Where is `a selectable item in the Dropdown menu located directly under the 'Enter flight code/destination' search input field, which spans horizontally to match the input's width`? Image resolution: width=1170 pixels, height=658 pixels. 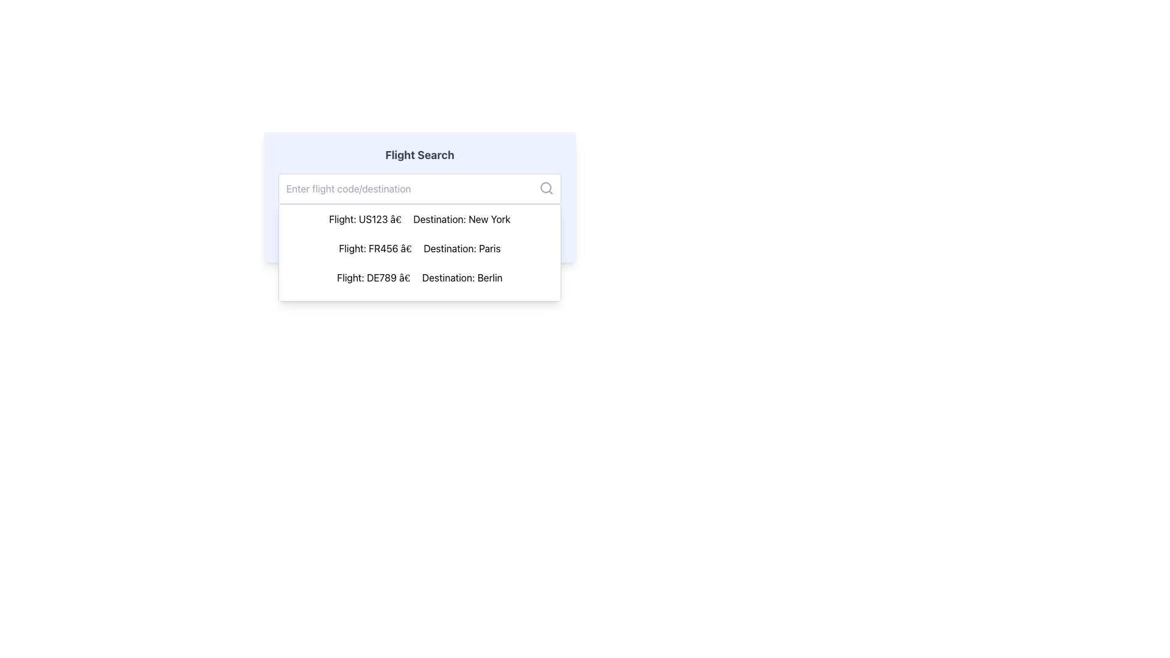 a selectable item in the Dropdown menu located directly under the 'Enter flight code/destination' search input field, which spans horizontally to match the input's width is located at coordinates (420, 252).